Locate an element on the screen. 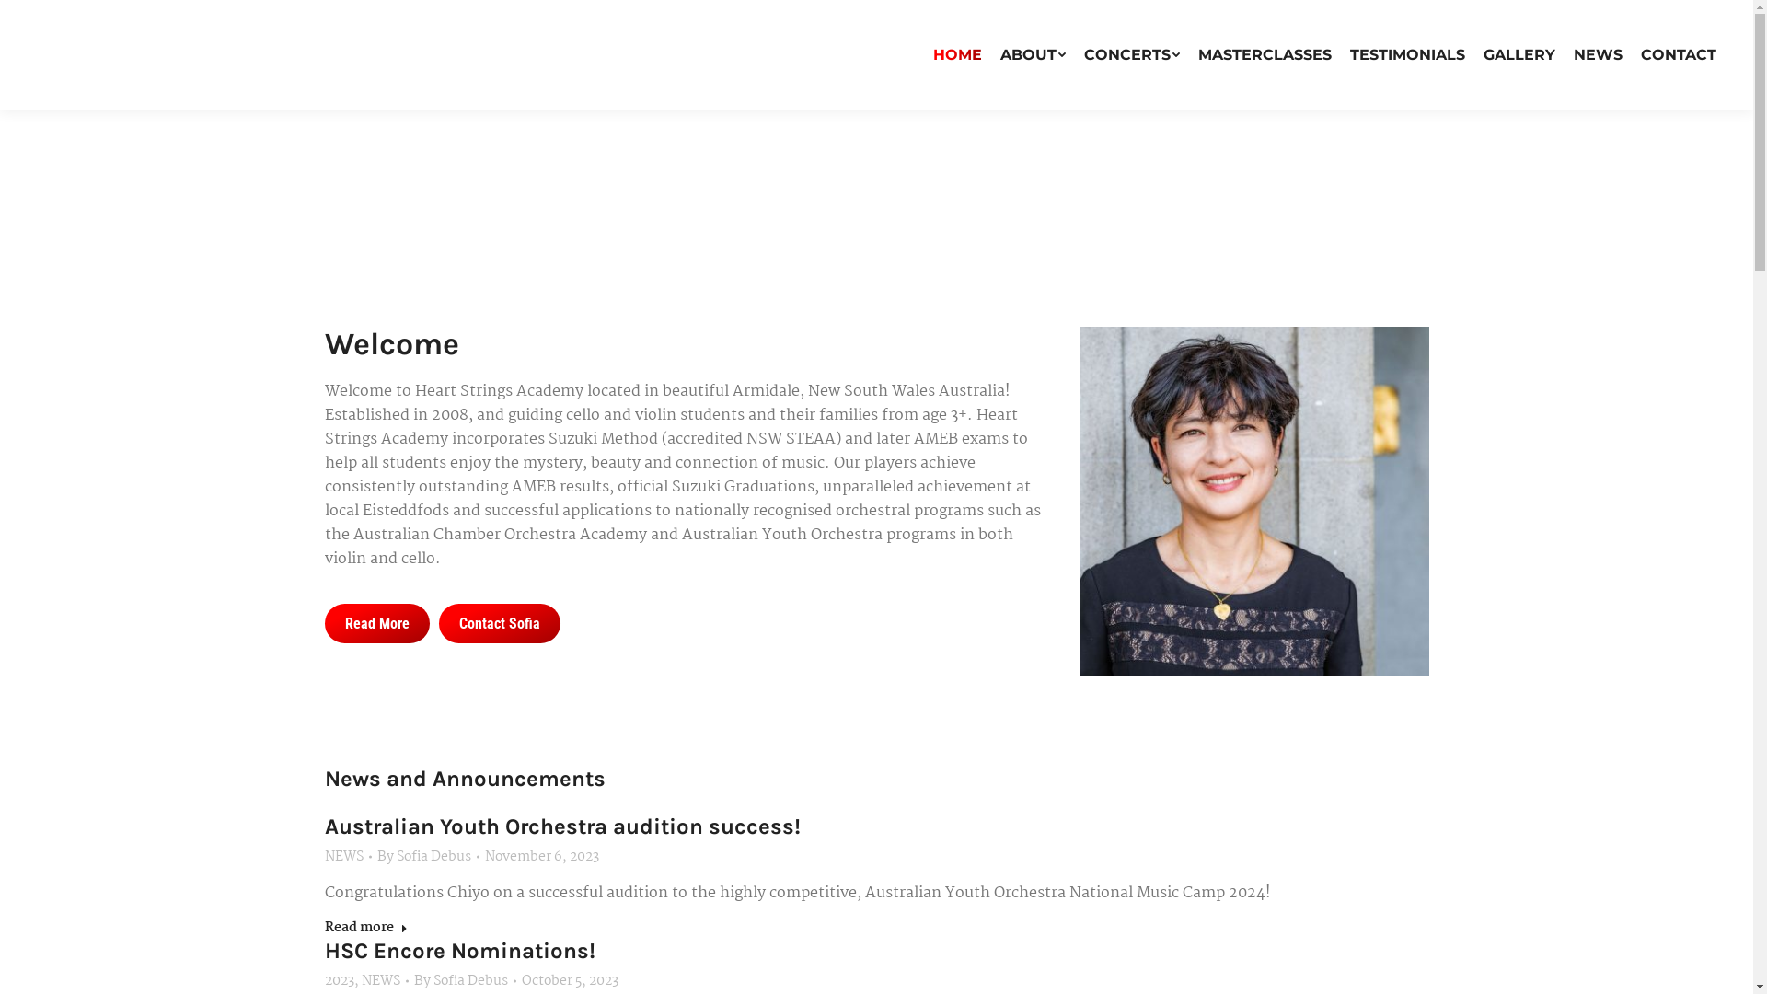 This screenshot has height=994, width=1767. 'ABOUT' is located at coordinates (1033, 54).